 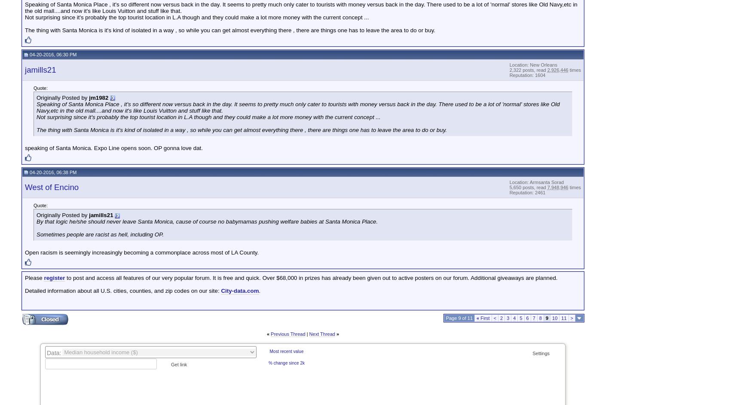 What do you see at coordinates (528, 69) in the screenshot?
I see `'2,322 posts, read'` at bounding box center [528, 69].